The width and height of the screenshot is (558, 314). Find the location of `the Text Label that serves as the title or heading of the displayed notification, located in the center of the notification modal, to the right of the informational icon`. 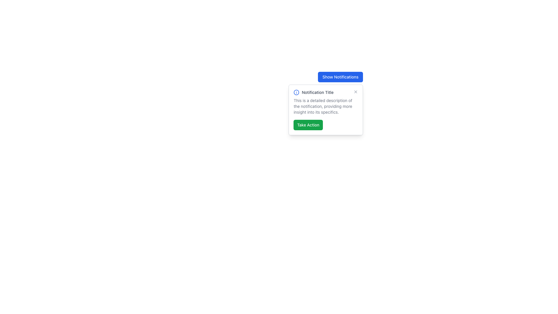

the Text Label that serves as the title or heading of the displayed notification, located in the center of the notification modal, to the right of the informational icon is located at coordinates (317, 92).